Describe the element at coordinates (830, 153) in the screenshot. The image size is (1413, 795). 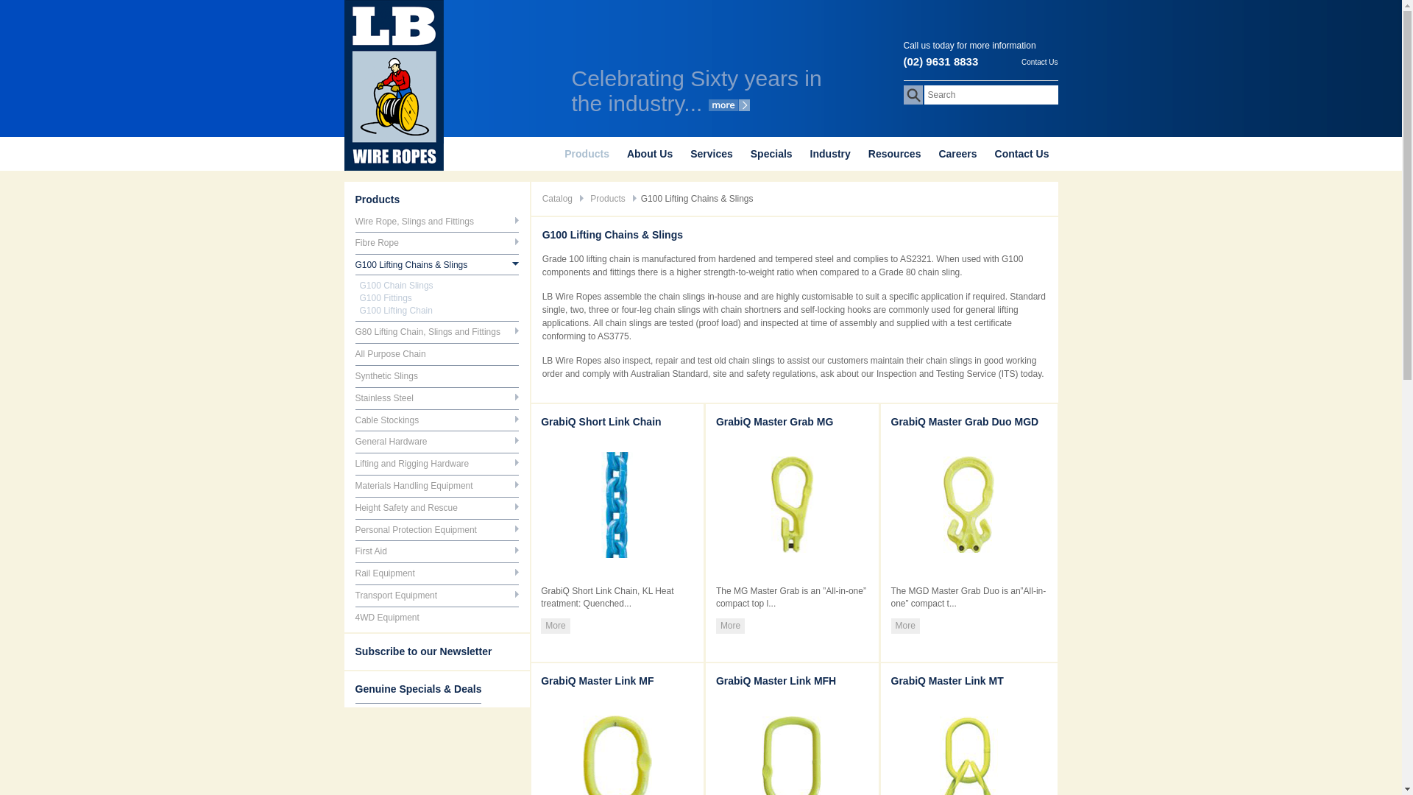
I see `'Industry'` at that location.